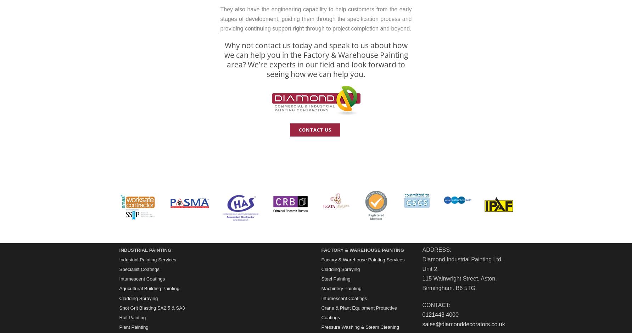 The image size is (632, 333). What do you see at coordinates (360, 327) in the screenshot?
I see `'Pressure Washing & Steam Cleaning'` at bounding box center [360, 327].